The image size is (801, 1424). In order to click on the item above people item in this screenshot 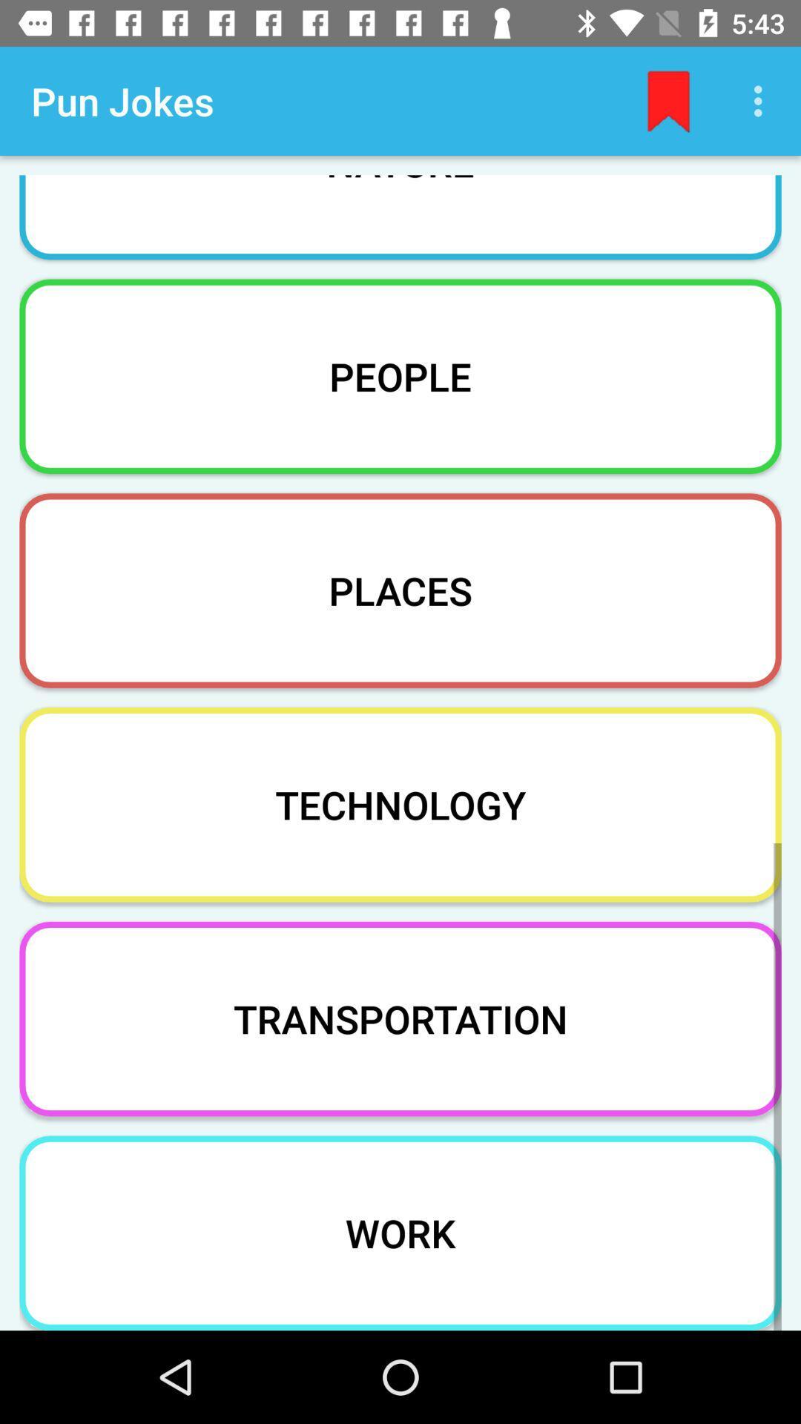, I will do `click(400, 207)`.